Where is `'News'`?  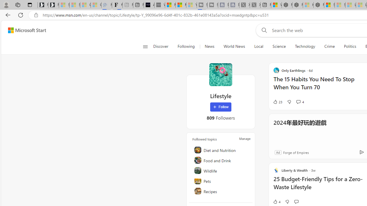
'News' is located at coordinates (209, 46).